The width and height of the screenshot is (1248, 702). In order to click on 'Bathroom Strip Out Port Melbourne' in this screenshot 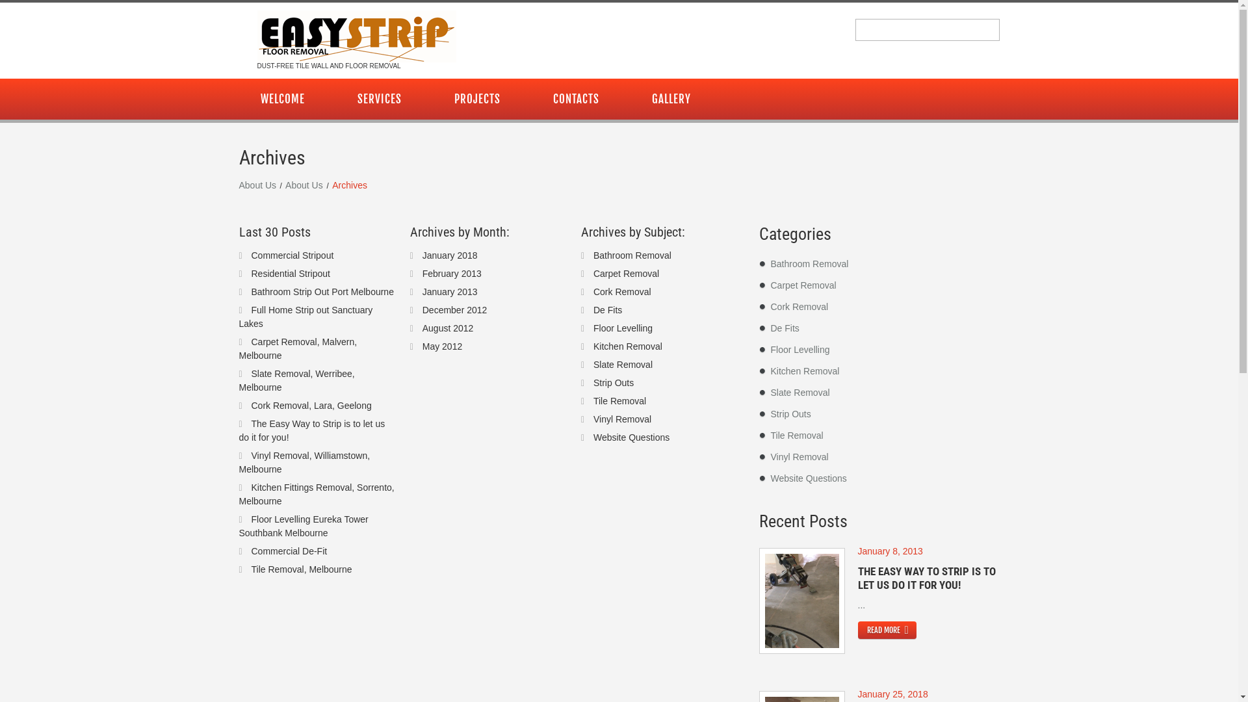, I will do `click(250, 290)`.